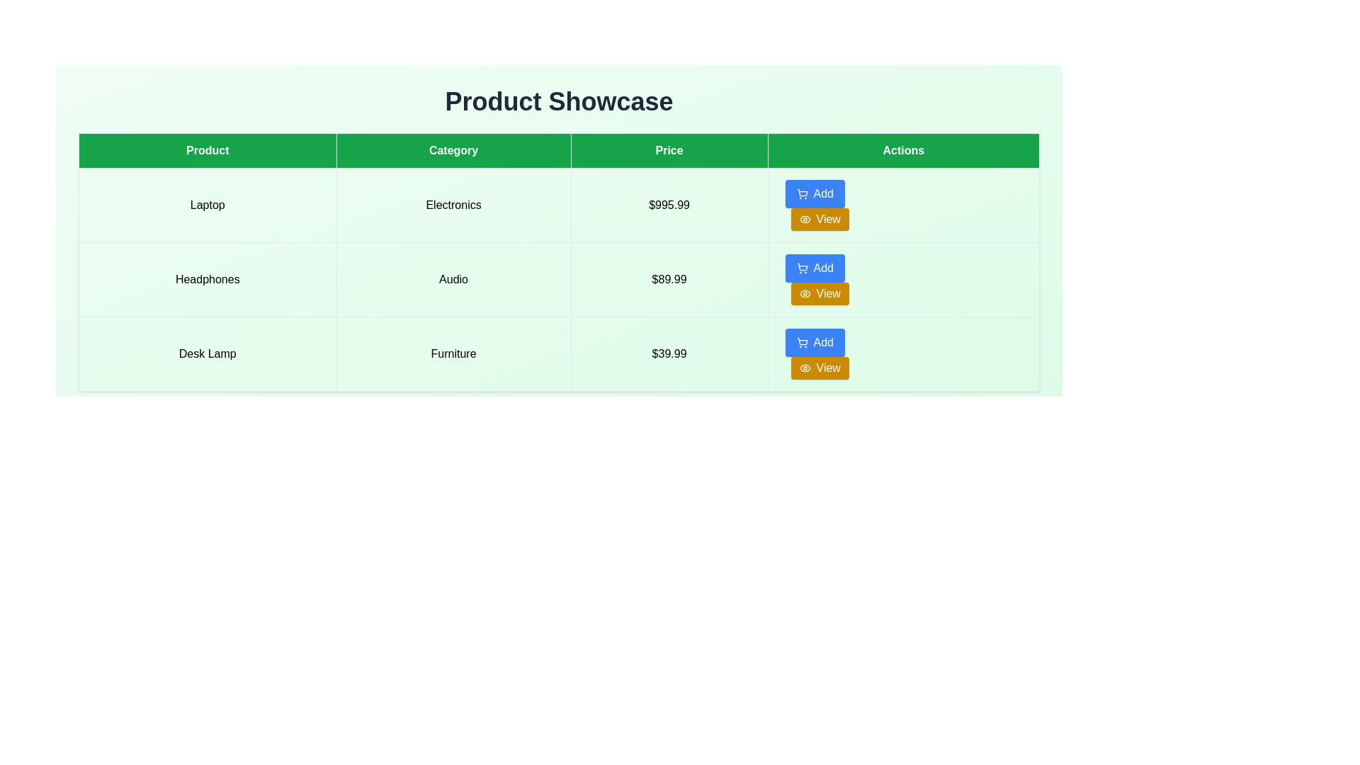  What do you see at coordinates (453, 279) in the screenshot?
I see `the 'Audio' text label, which is centered in a table cell with a green background, located in the second cell of the second row between 'Headphones' and '$89.99'` at bounding box center [453, 279].